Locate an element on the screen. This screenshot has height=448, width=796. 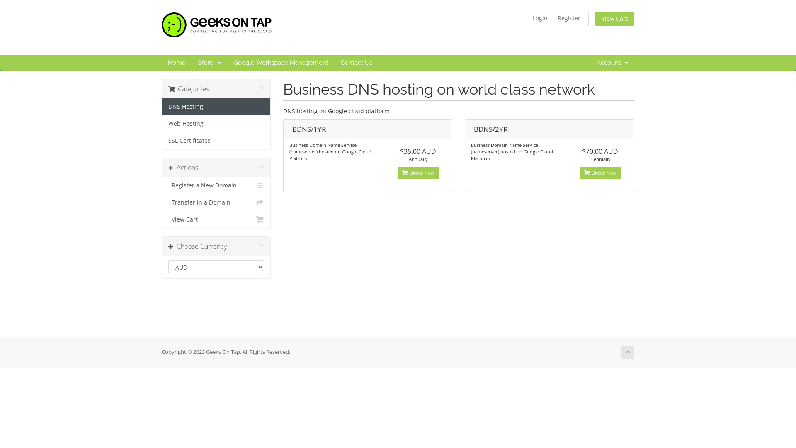
'DNS Hosting' is located at coordinates (216, 106).